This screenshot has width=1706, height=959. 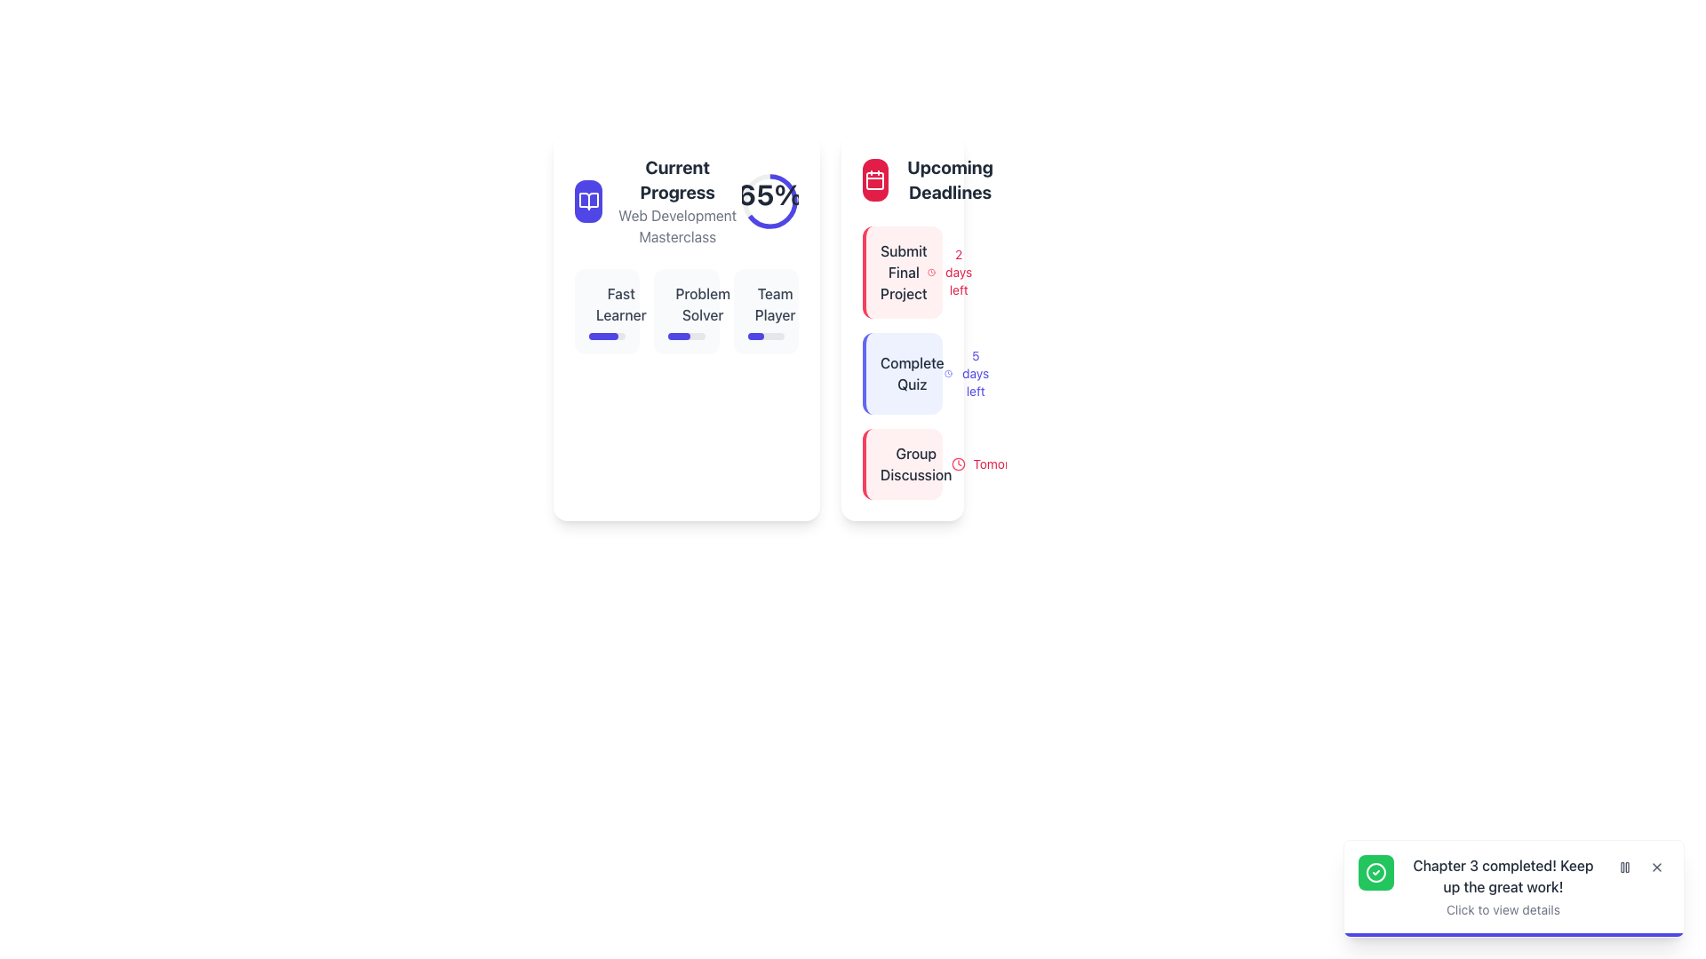 I want to click on the circular graphical component located in the bottom-right corner of the interface within the notification card that displays 'Chapter 3 completed! Keep up the great work!', so click(x=1375, y=872).